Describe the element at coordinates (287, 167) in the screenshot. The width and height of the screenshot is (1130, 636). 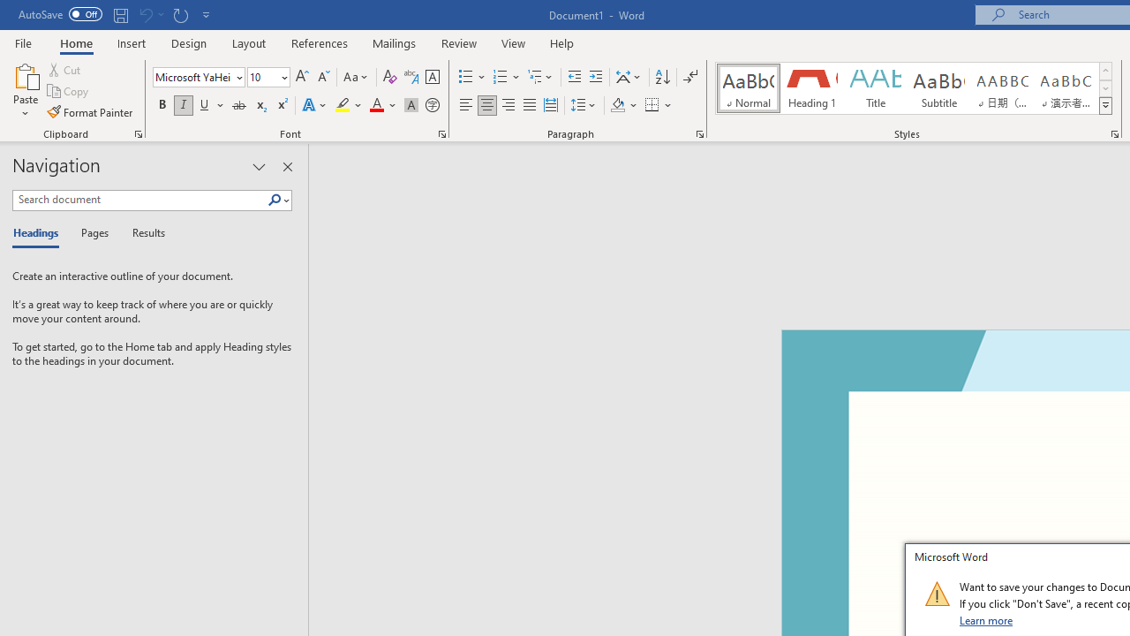
I see `'Close pane'` at that location.